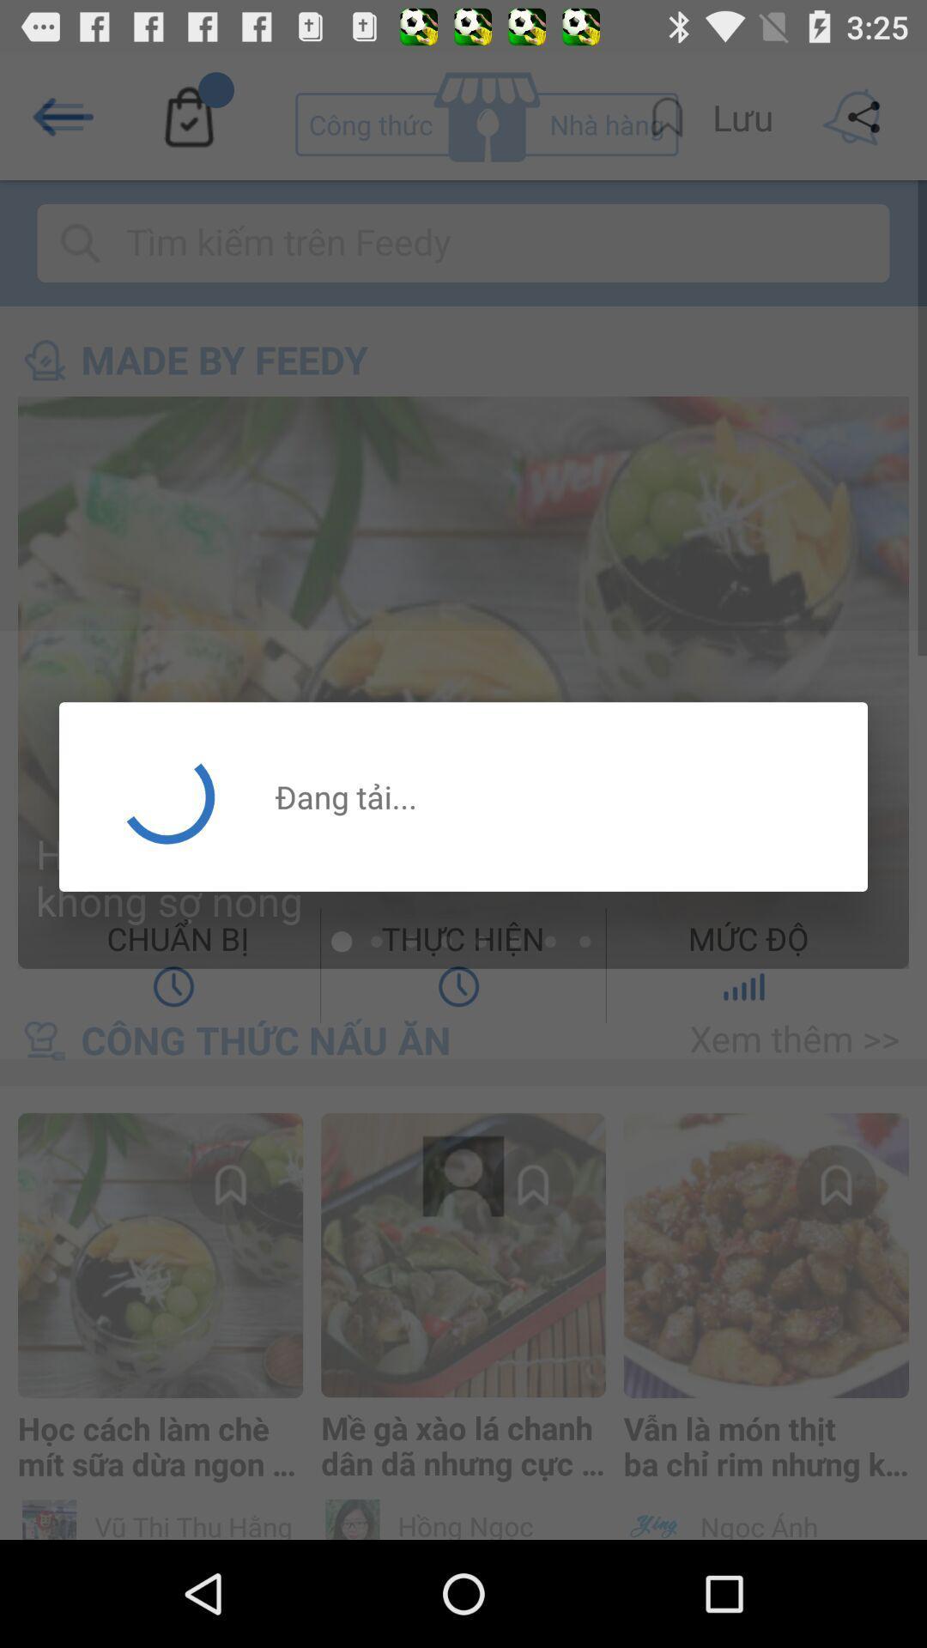 The height and width of the screenshot is (1648, 927). I want to click on the share icon, so click(863, 116).